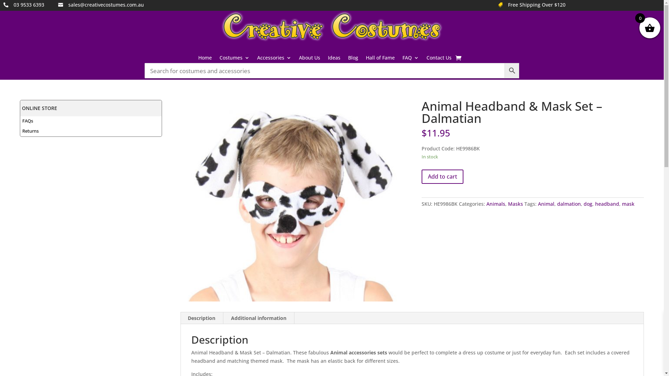 The height and width of the screenshot is (376, 669). Describe the element at coordinates (587, 204) in the screenshot. I see `'dog'` at that location.